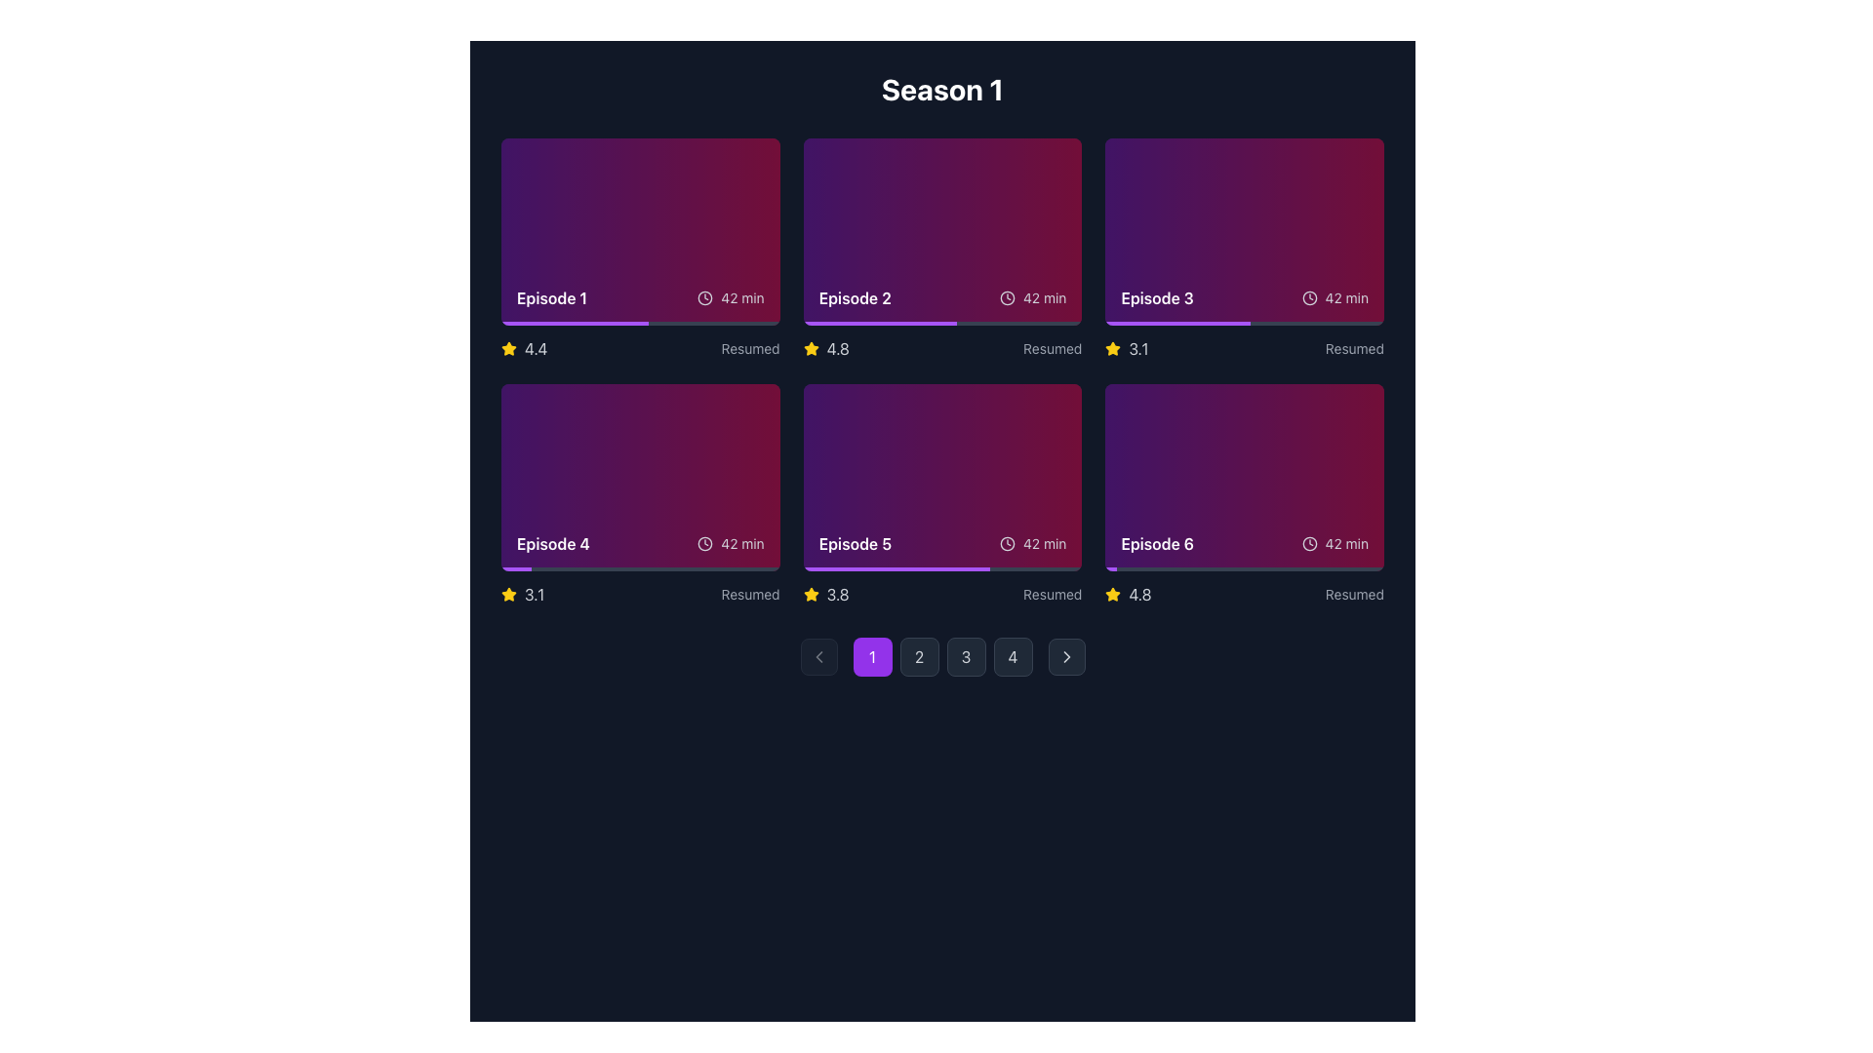 The image size is (1873, 1053). I want to click on the yellow star icon under the 'Episode 2' label to interact with the rating system, so click(1113, 347).